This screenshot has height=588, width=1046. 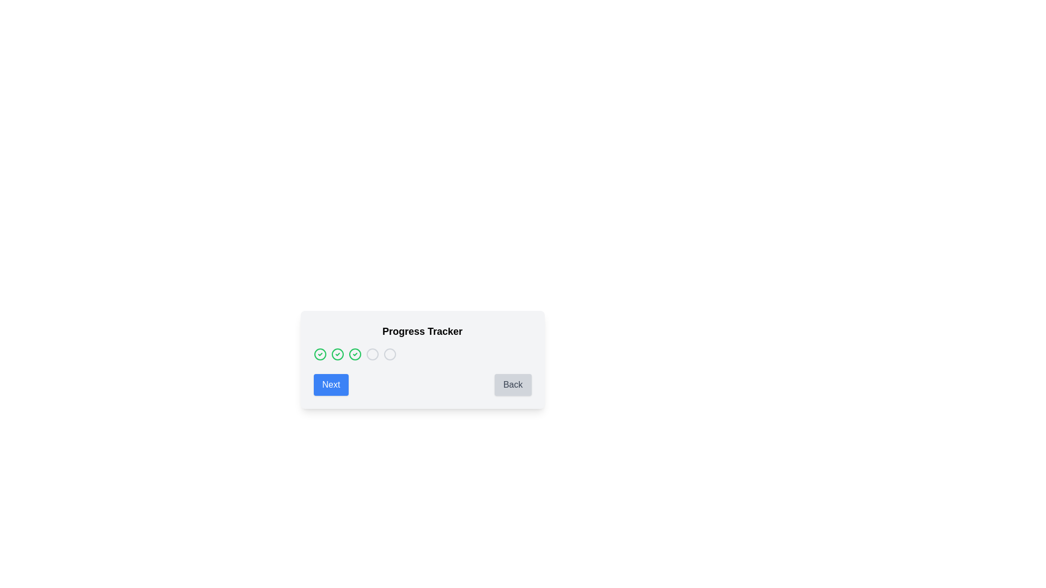 I want to click on the fourth circular Progress step indicator icon, which is styled in light gray and represents an incomplete step, so click(x=372, y=354).